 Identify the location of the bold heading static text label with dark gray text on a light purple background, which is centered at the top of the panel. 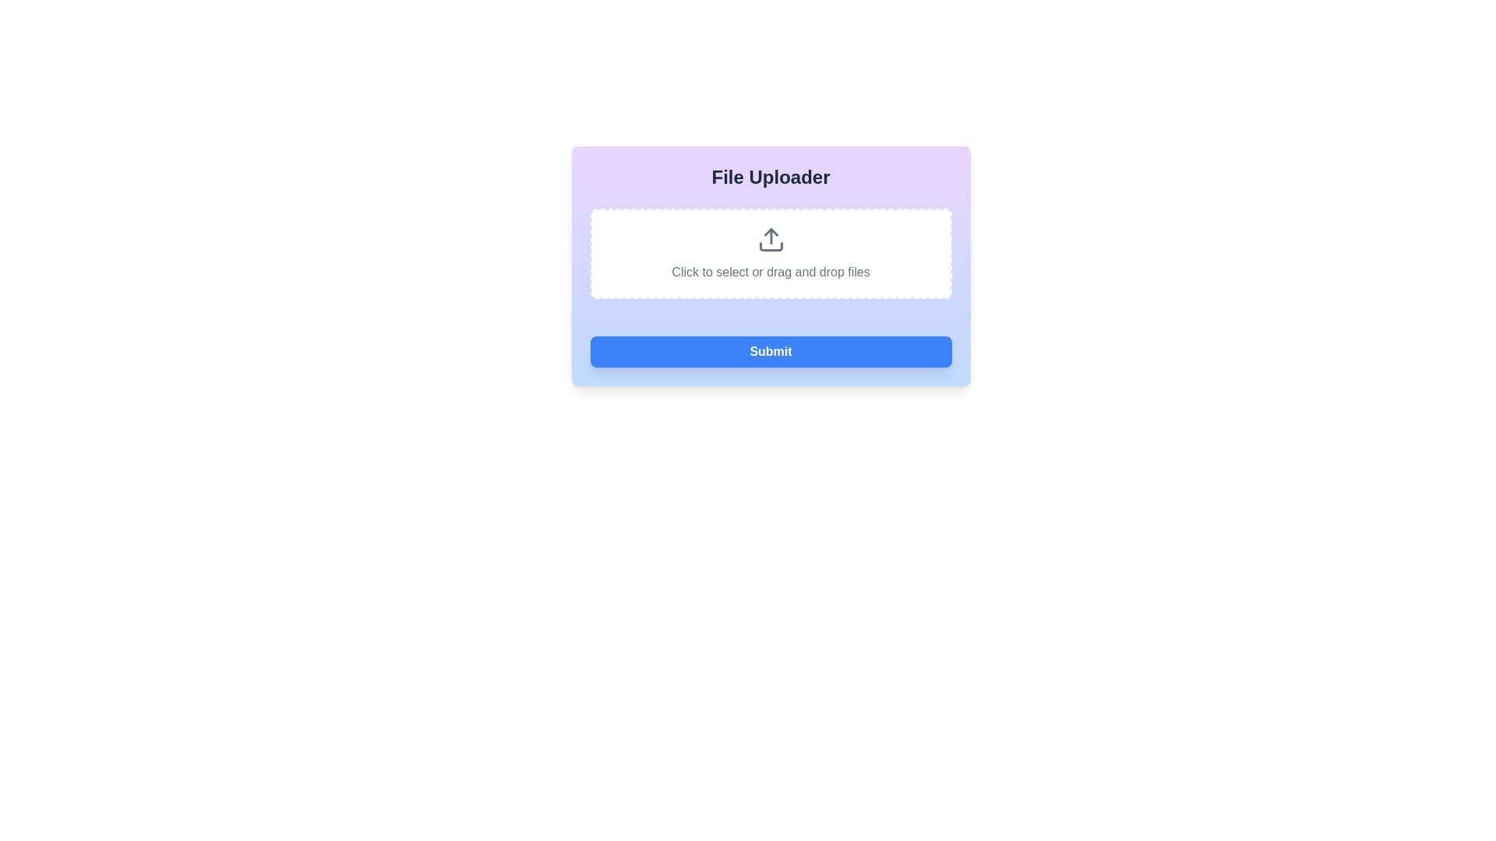
(771, 176).